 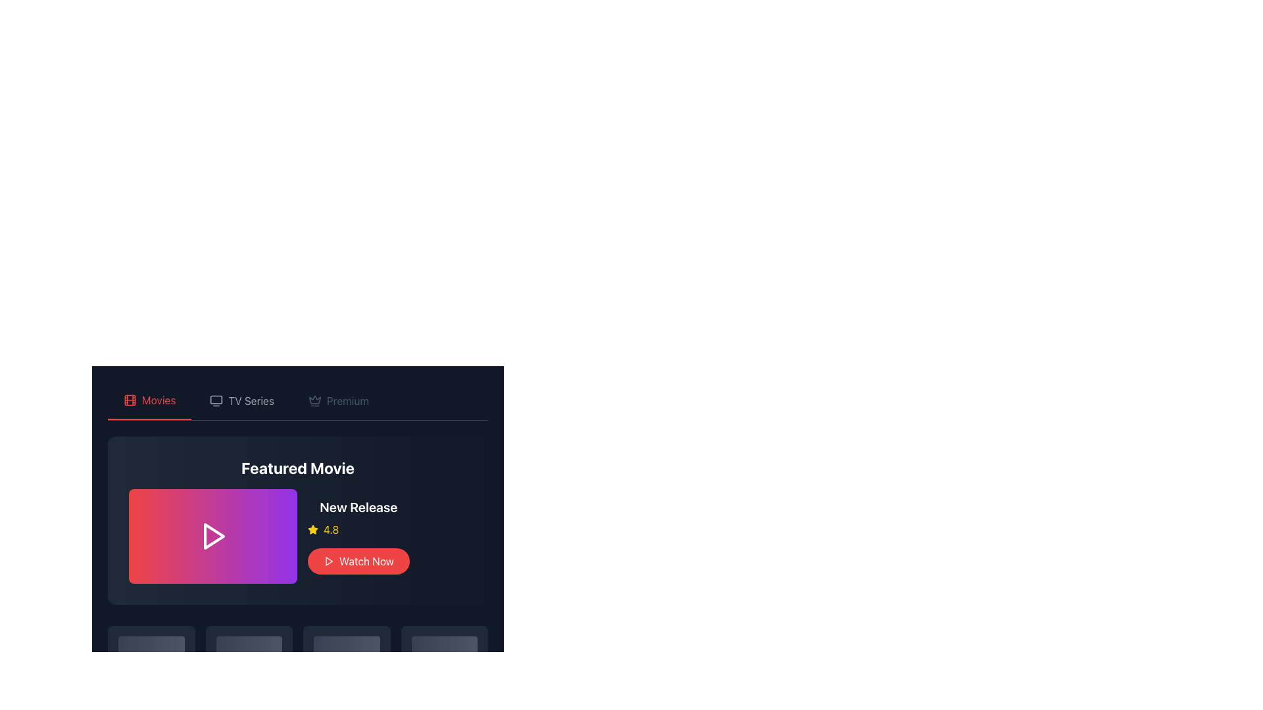 I want to click on the text label element reading 'TV Series' in the navigation menu, which is styled with a gray font color and is positioned between 'Movies' and 'Premium', so click(x=251, y=400).